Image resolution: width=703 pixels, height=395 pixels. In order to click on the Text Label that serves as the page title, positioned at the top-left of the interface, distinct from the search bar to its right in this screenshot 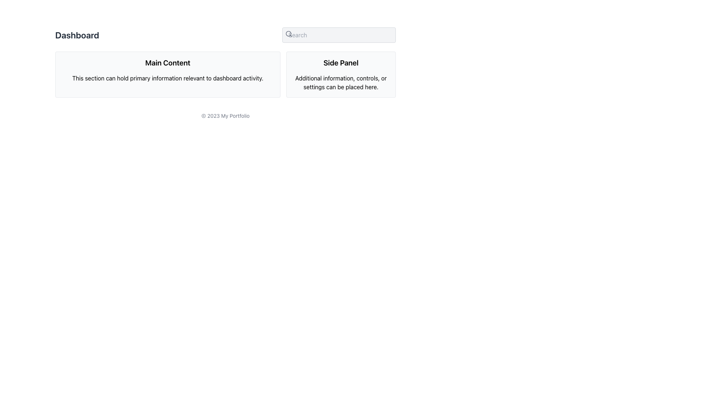, I will do `click(77, 35)`.